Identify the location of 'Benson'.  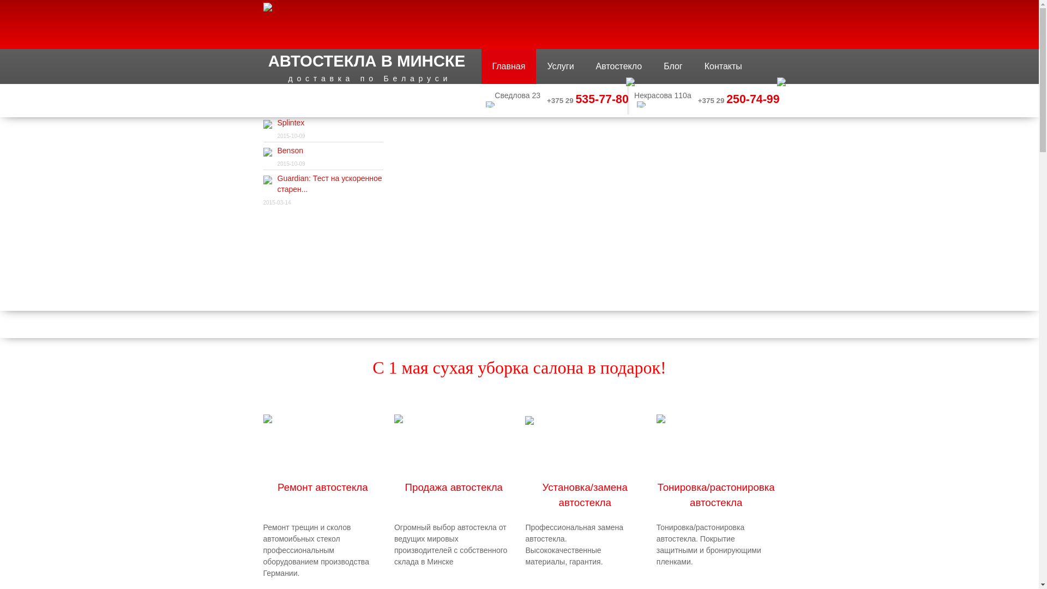
(290, 151).